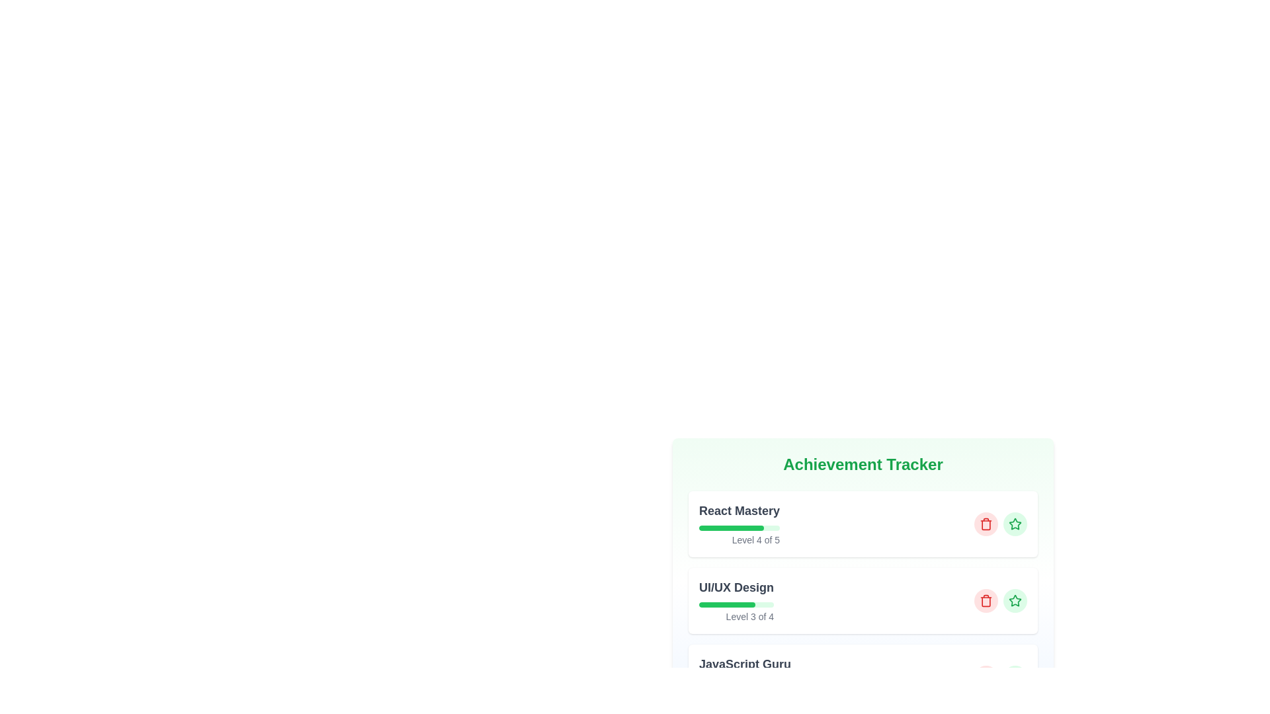 This screenshot has width=1270, height=714. I want to click on the text label displaying 'UI/UX Design', which is styled with a large dark gray font and positioned at the upper section of its card, above a progress bar, so click(736, 586).